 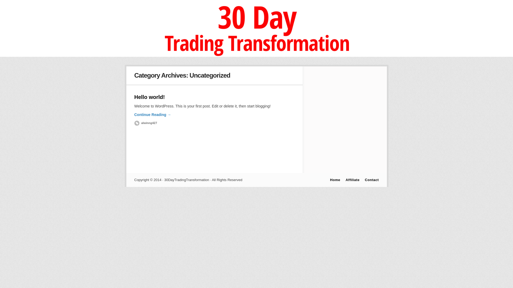 What do you see at coordinates (352, 180) in the screenshot?
I see `'Affiliate'` at bounding box center [352, 180].